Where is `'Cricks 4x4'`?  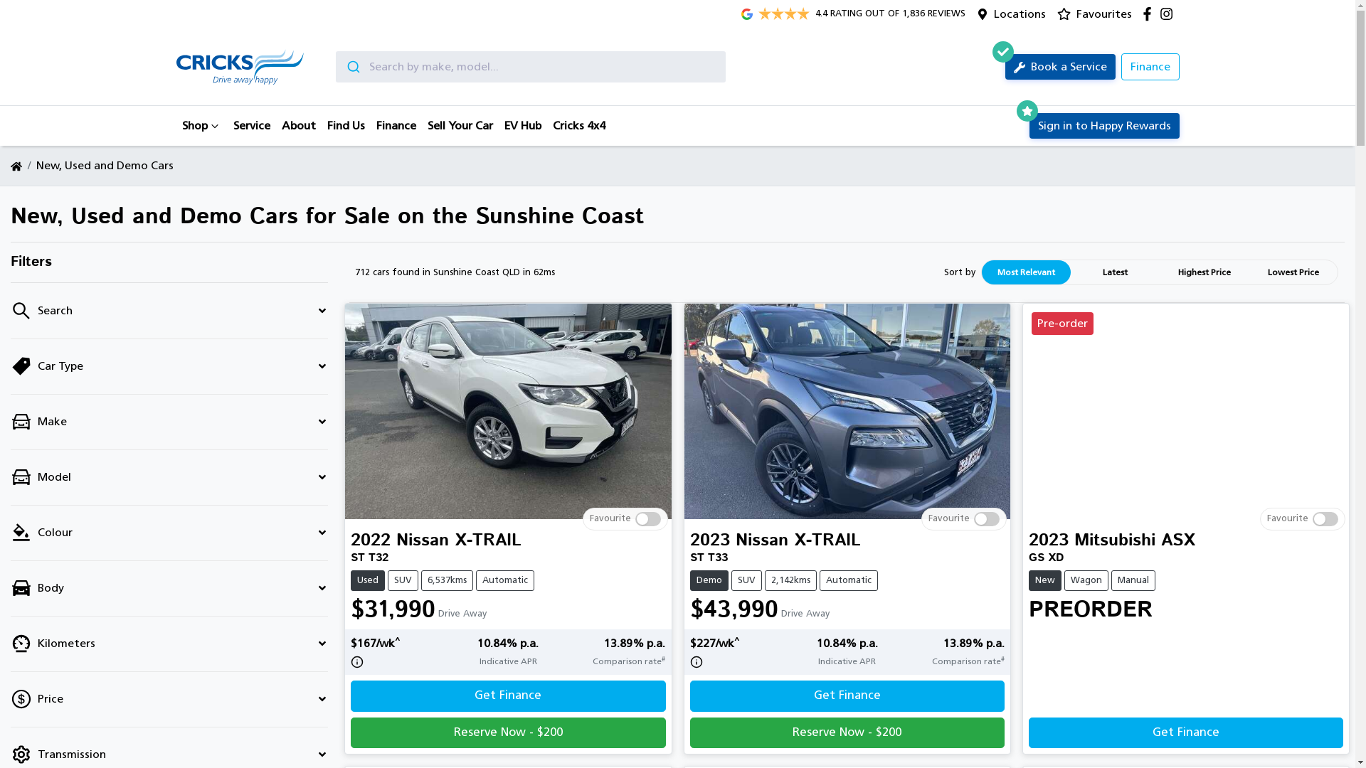 'Cricks 4x4' is located at coordinates (546, 125).